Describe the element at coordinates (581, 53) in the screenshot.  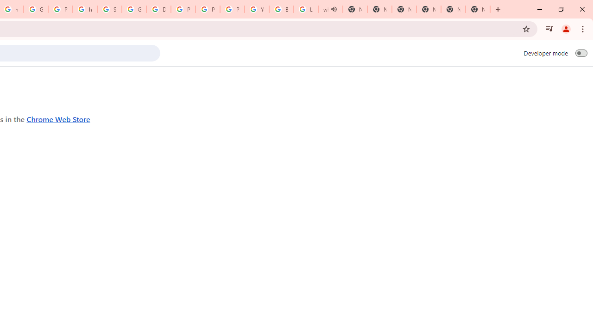
I see `'Developer mode'` at that location.